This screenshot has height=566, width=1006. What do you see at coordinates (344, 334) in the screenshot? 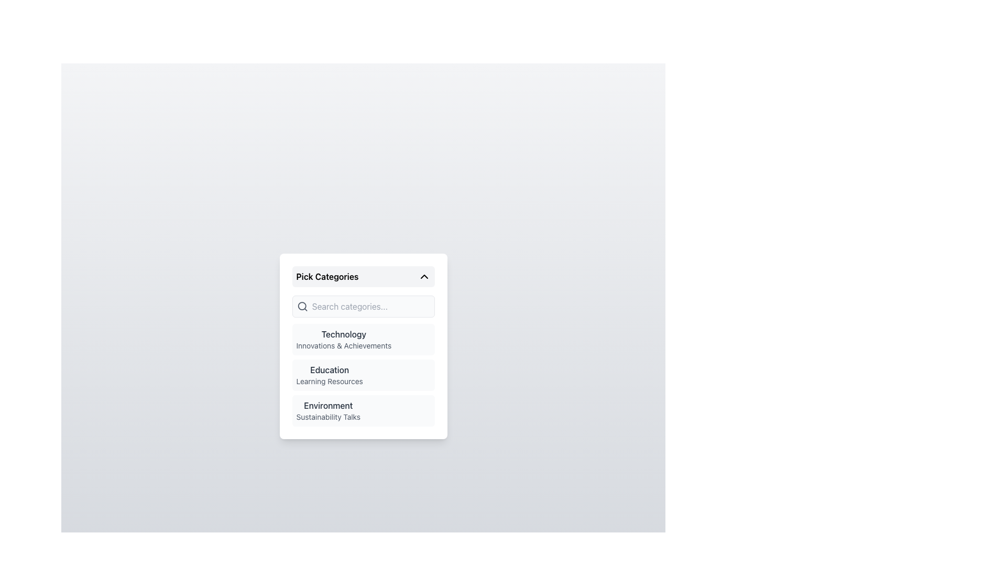
I see `the 'Technology' text label in the dropdown menu` at bounding box center [344, 334].